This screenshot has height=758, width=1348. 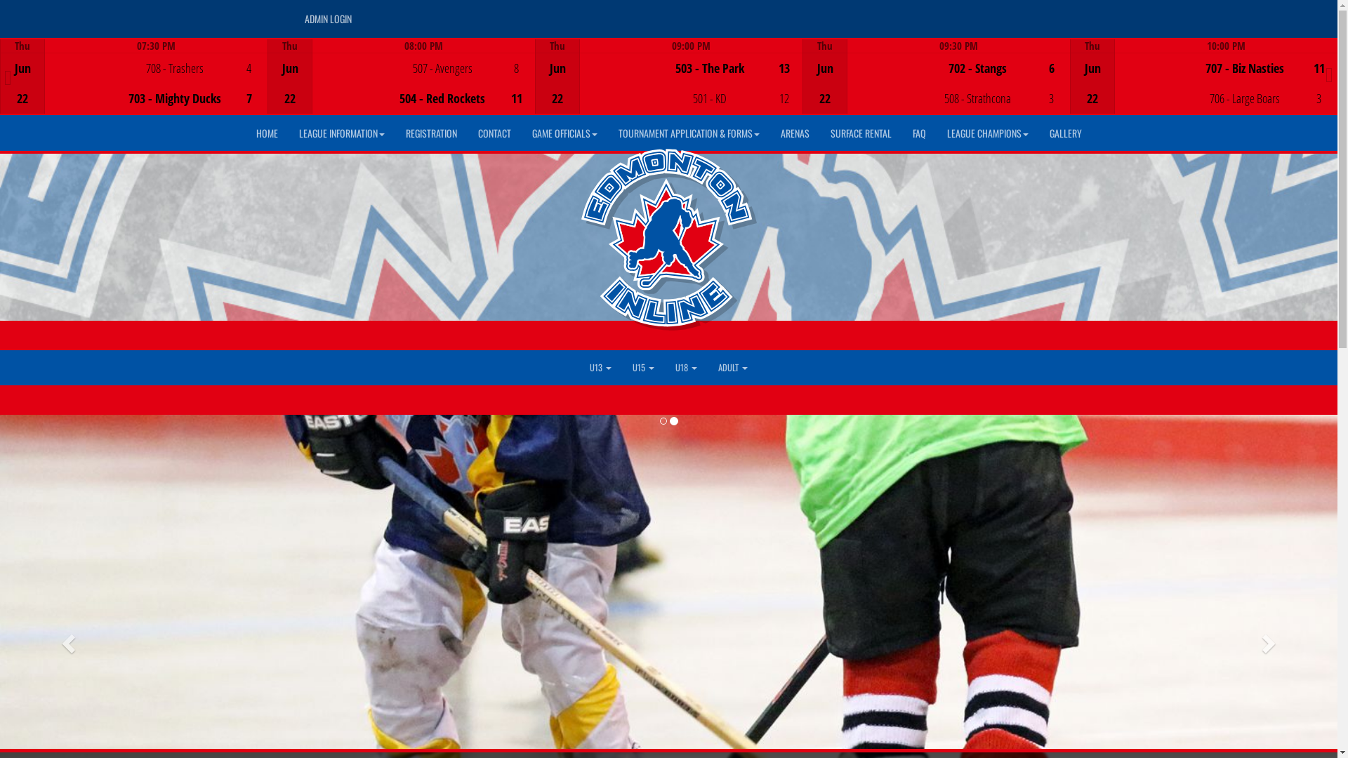 I want to click on 'CONTACT', so click(x=494, y=133).